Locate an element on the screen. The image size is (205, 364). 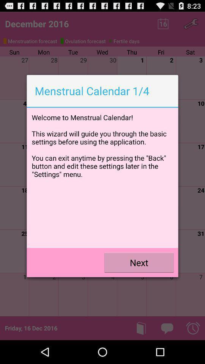
the next icon is located at coordinates (139, 262).